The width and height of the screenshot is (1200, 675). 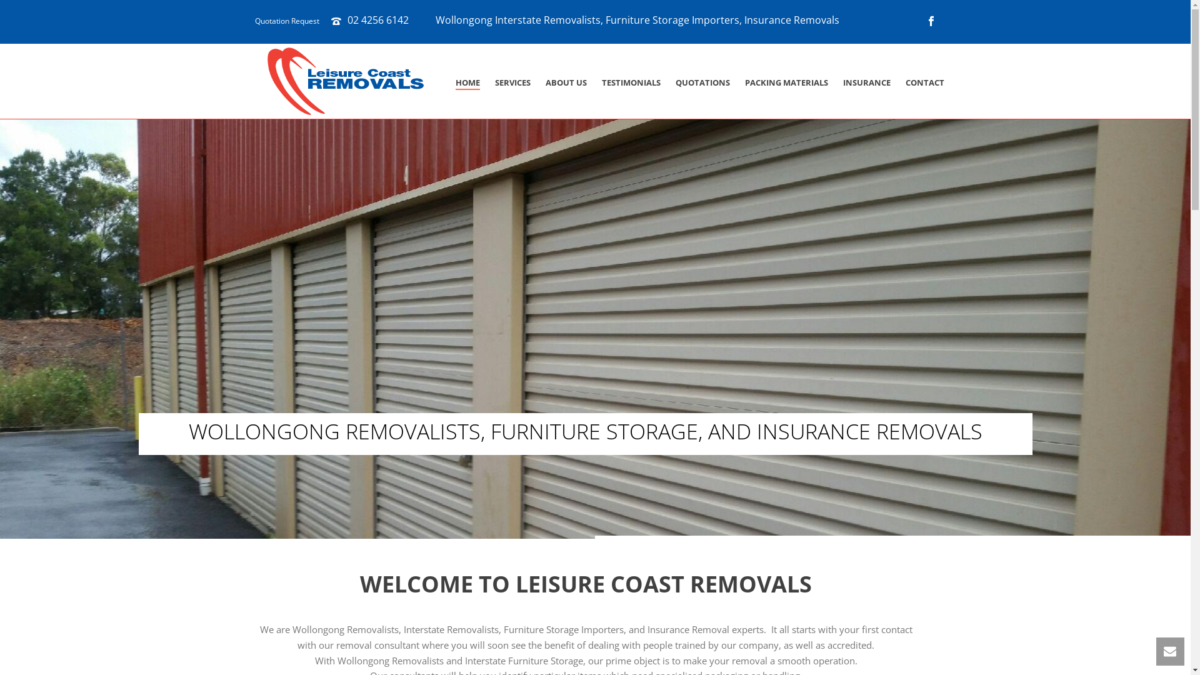 What do you see at coordinates (924, 82) in the screenshot?
I see `'CONTACT'` at bounding box center [924, 82].